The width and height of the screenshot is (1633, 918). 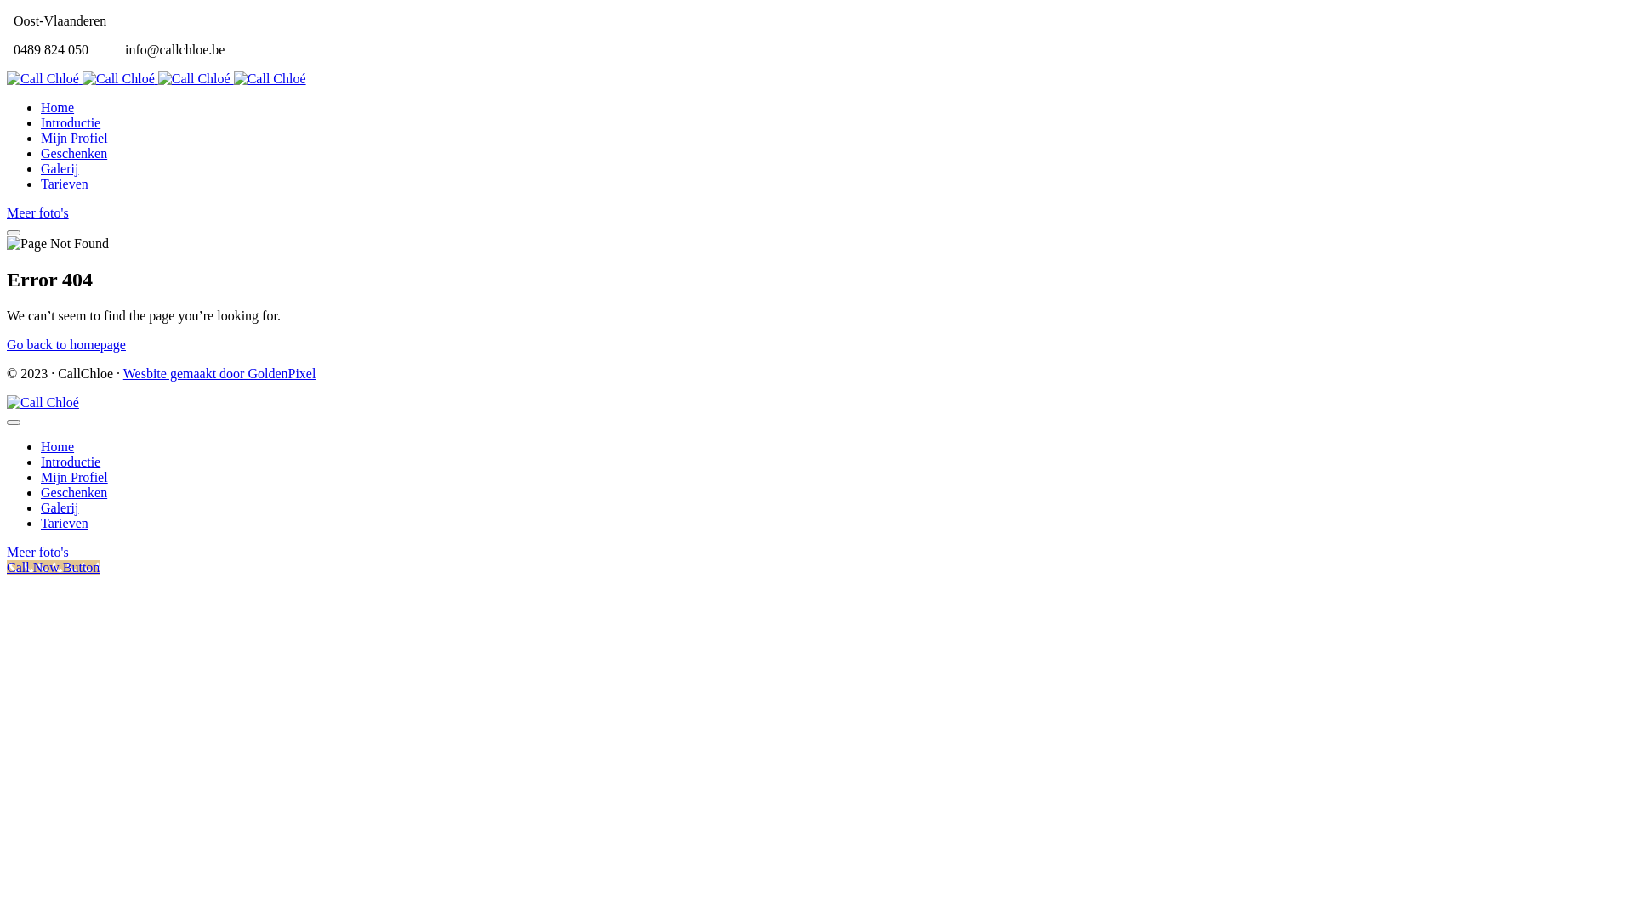 I want to click on 'Introductie', so click(x=41, y=122).